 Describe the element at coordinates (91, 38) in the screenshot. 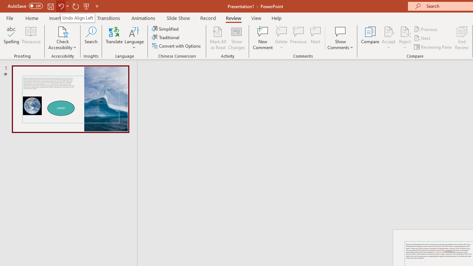

I see `'Search'` at that location.